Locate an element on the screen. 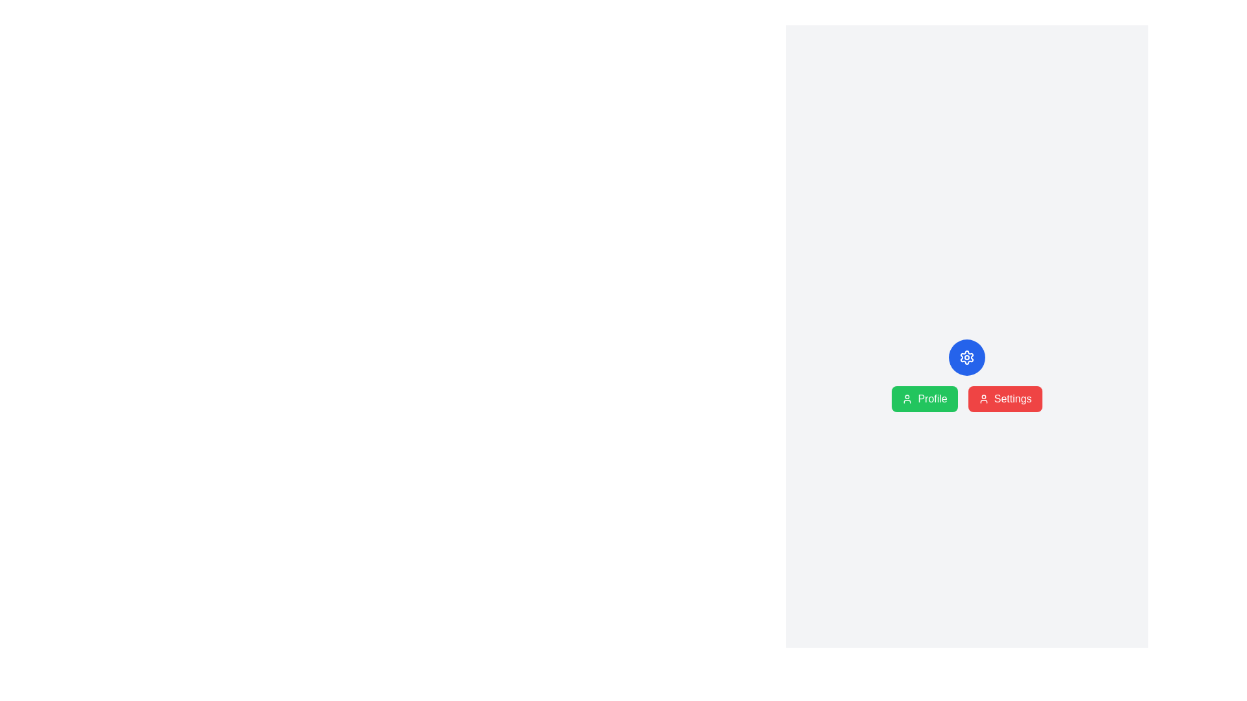 Image resolution: width=1247 pixels, height=701 pixels. the green 'Profile' button in the button group is located at coordinates (966, 398).